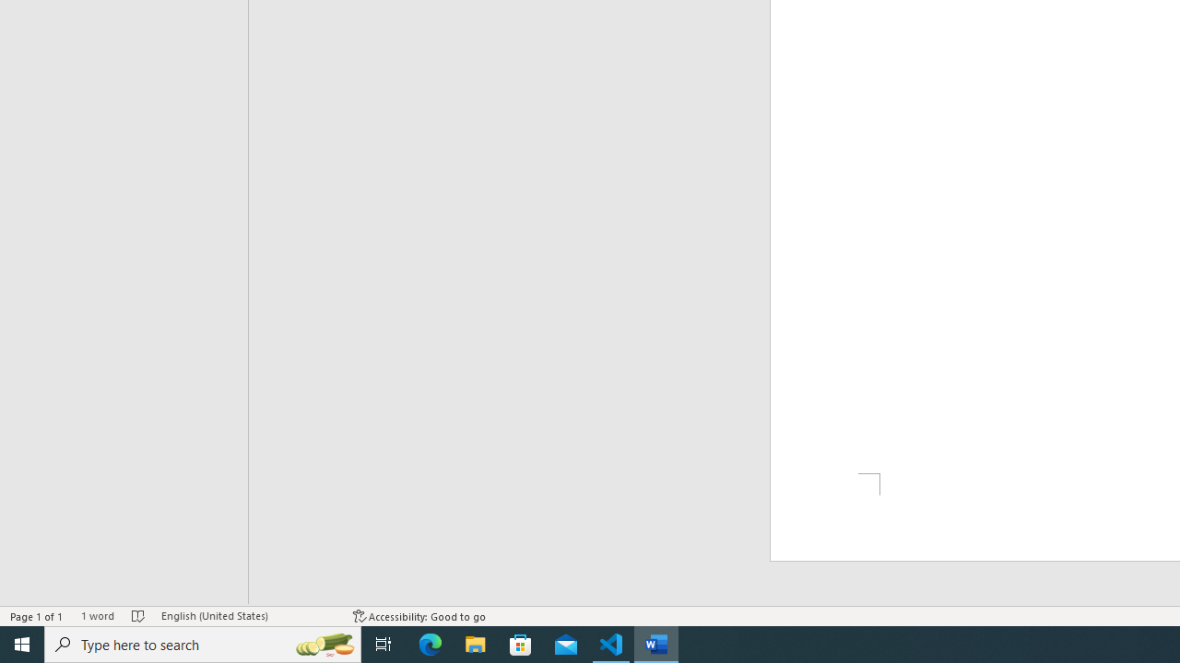  Describe the element at coordinates (430, 643) in the screenshot. I see `'Microsoft Edge'` at that location.